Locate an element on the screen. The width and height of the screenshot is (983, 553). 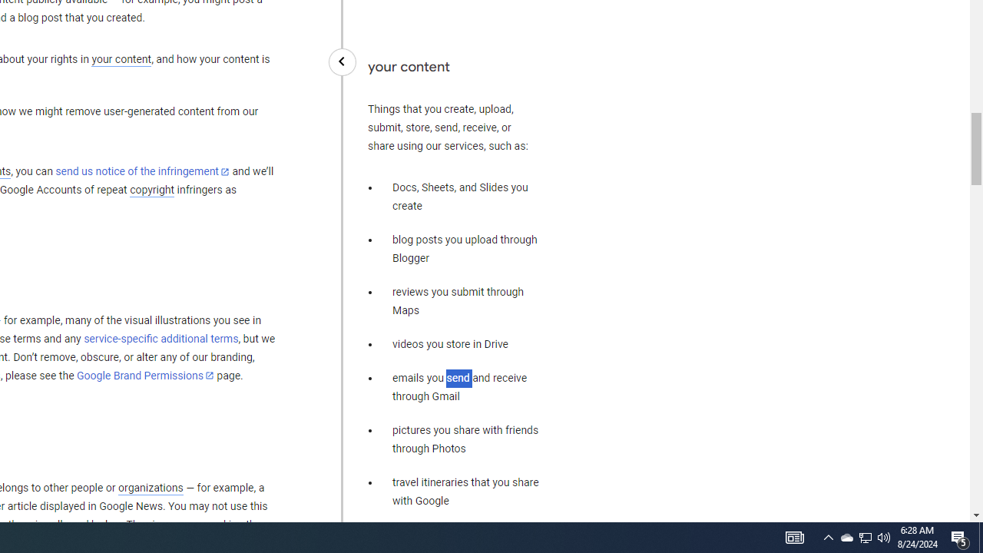
'service-specific additional terms' is located at coordinates (161, 338).